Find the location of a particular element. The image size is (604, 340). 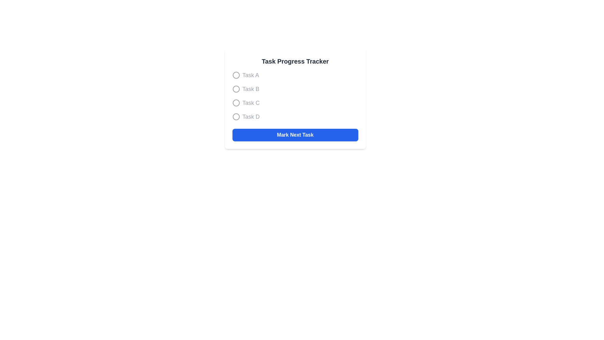

the non-interactive SVG circle element that visually represents the task's state for 'Task A' in the task tracker interface is located at coordinates (236, 75).